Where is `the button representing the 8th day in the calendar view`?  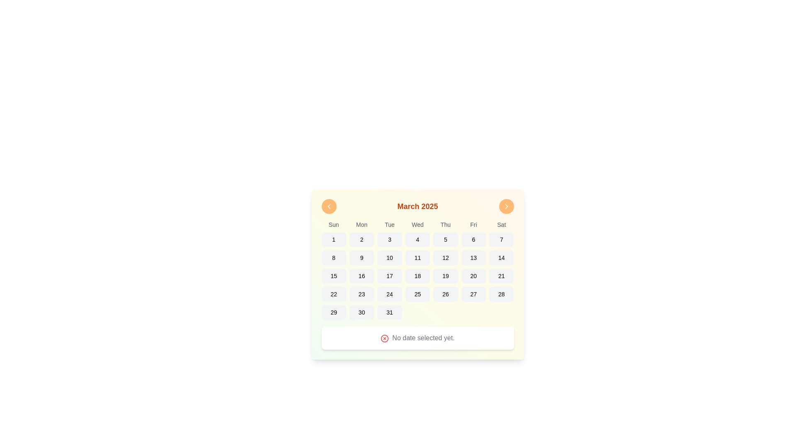
the button representing the 8th day in the calendar view is located at coordinates (334, 257).